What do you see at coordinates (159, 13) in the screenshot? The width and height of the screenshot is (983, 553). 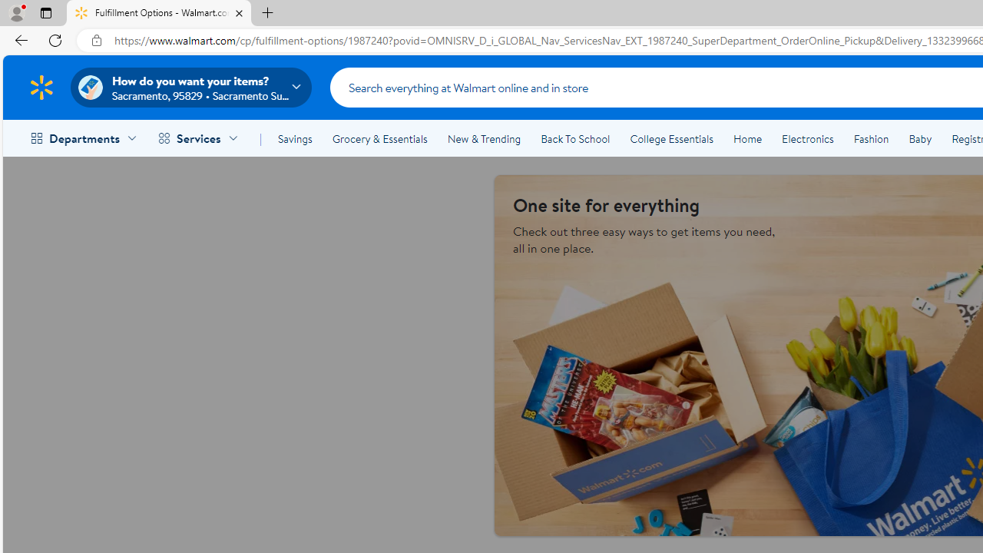 I see `'Fulfillment Options - Walmart.com'` at bounding box center [159, 13].